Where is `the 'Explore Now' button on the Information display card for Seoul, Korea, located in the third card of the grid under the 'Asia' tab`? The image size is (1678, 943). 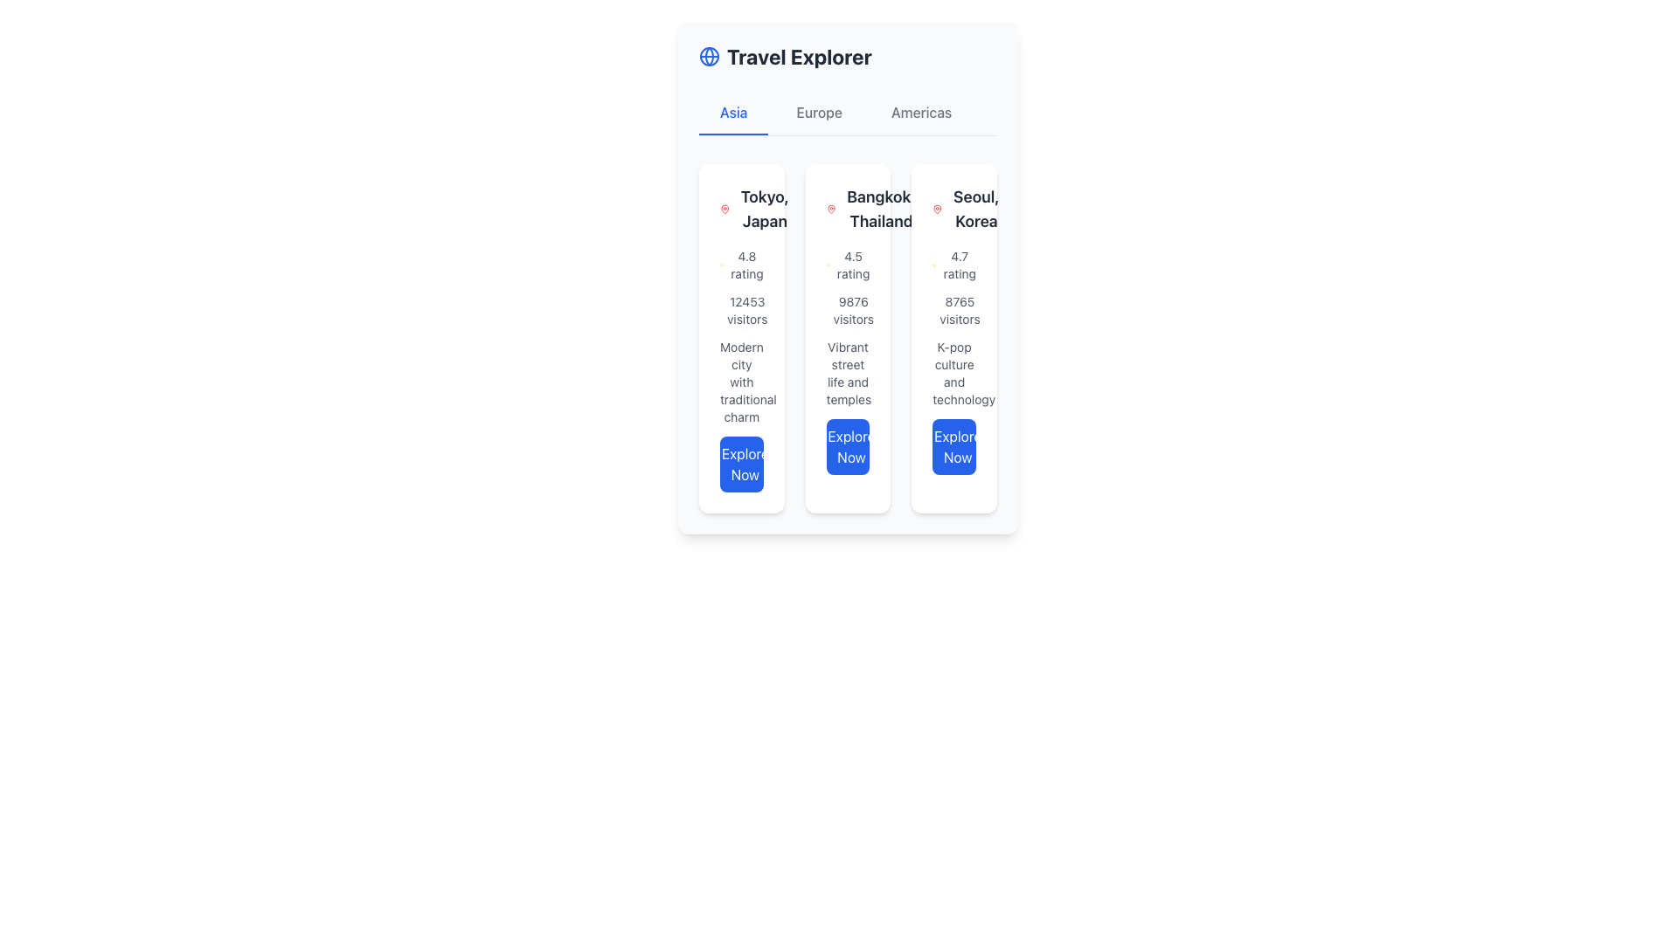 the 'Explore Now' button on the Information display card for Seoul, Korea, located in the third card of the grid under the 'Asia' tab is located at coordinates (953, 339).